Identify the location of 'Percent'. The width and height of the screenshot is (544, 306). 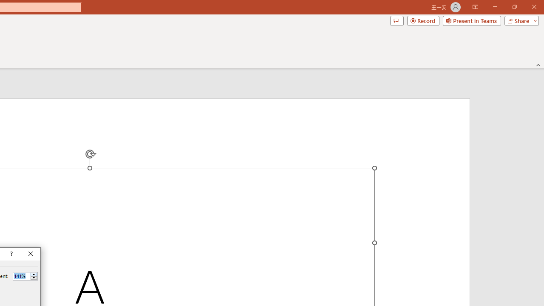
(25, 276).